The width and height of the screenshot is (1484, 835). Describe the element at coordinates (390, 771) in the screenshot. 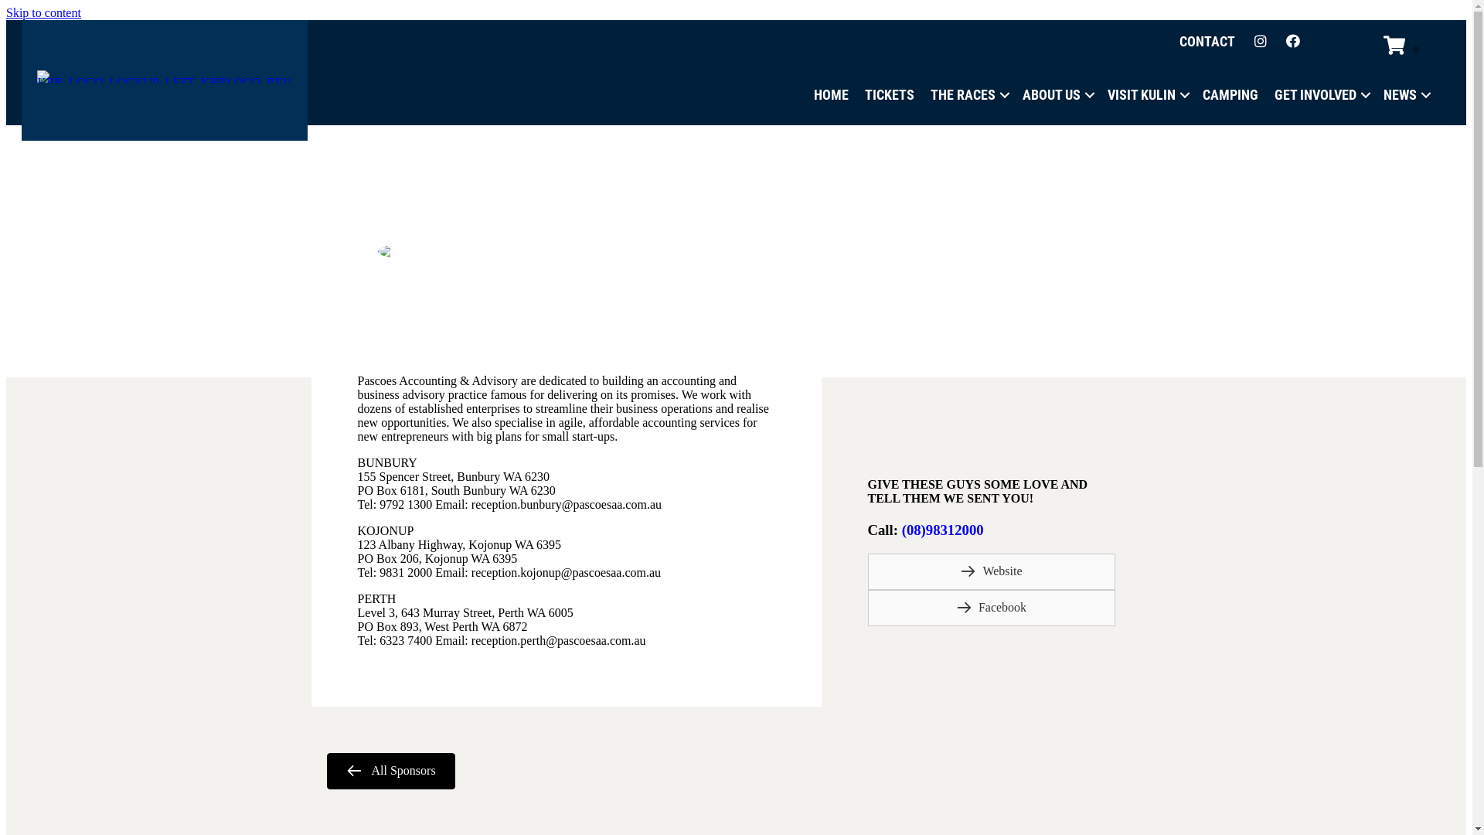

I see `'All Sponsors'` at that location.